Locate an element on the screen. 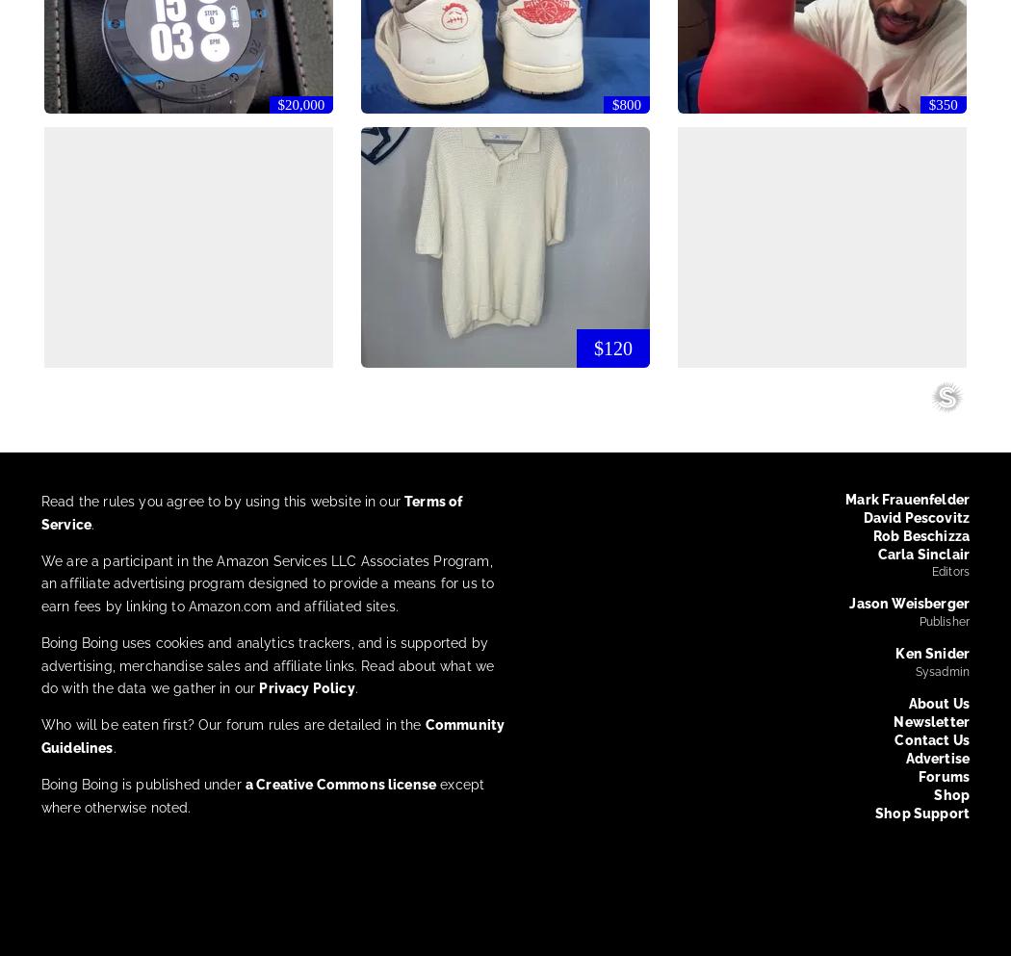  'About Us' is located at coordinates (939, 704).